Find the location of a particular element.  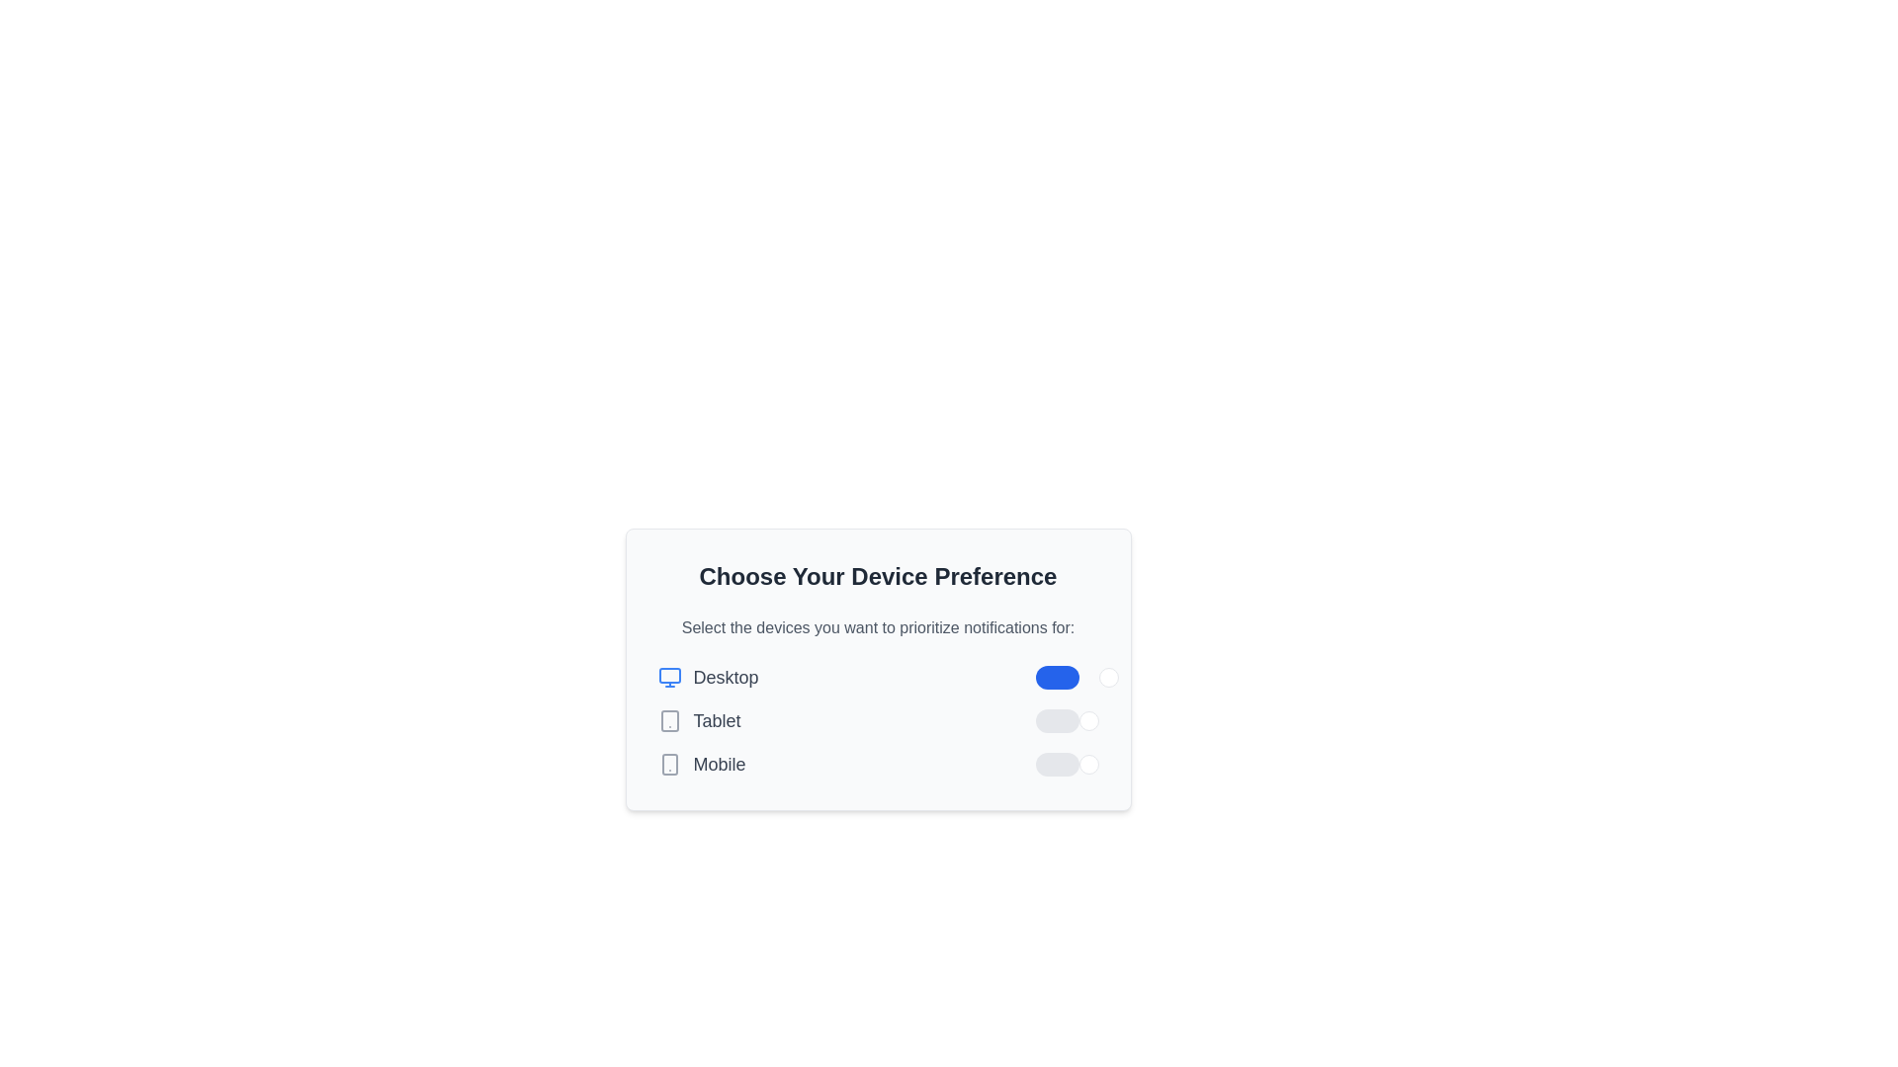

the toggle switch for enabling or disabling notifications for Tablet devices, which is the second switch below the 'Desktop' option is located at coordinates (1056, 720).